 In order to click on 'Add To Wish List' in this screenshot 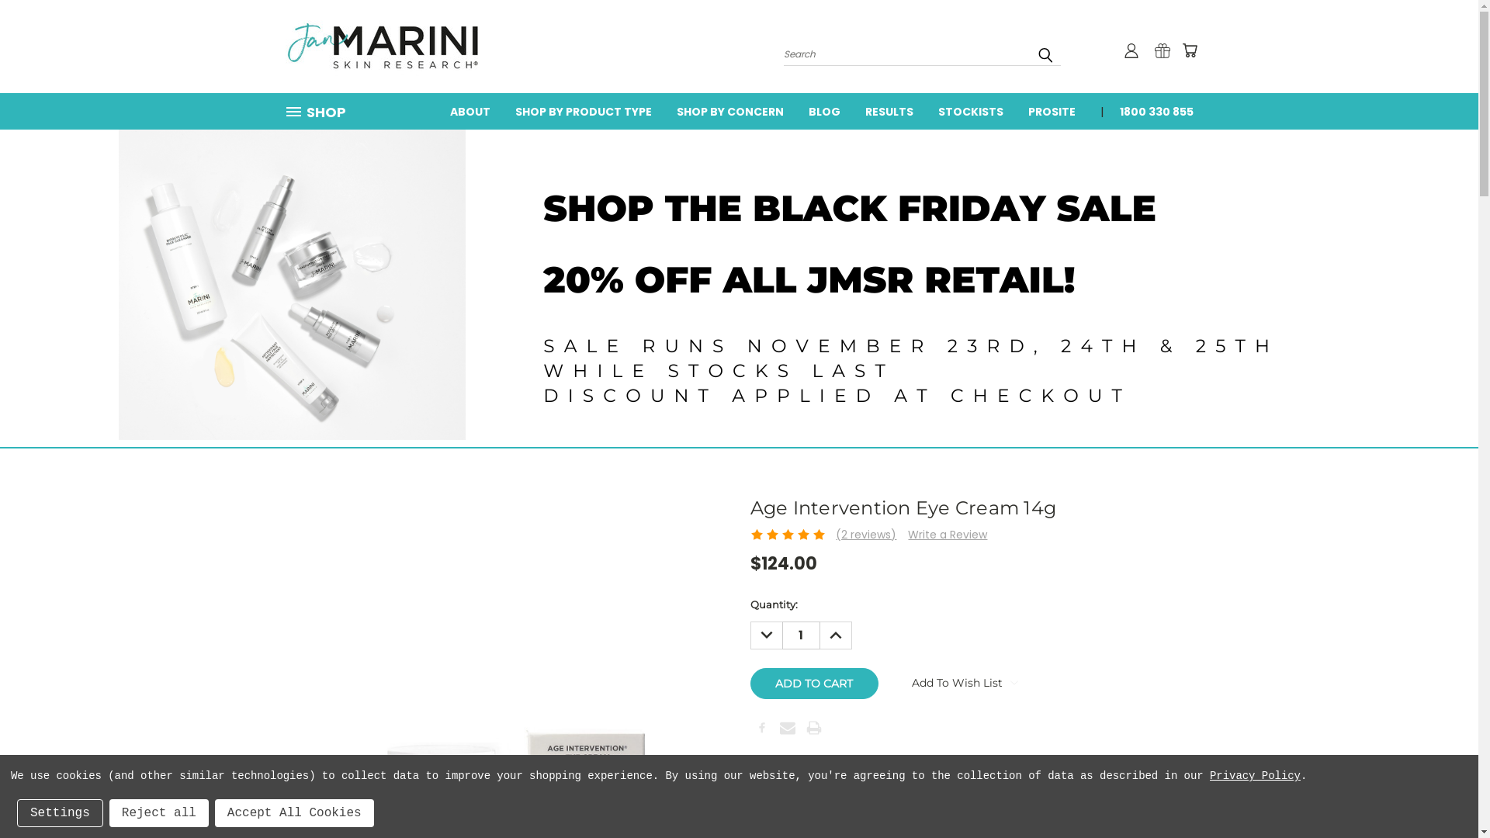, I will do `click(886, 681)`.